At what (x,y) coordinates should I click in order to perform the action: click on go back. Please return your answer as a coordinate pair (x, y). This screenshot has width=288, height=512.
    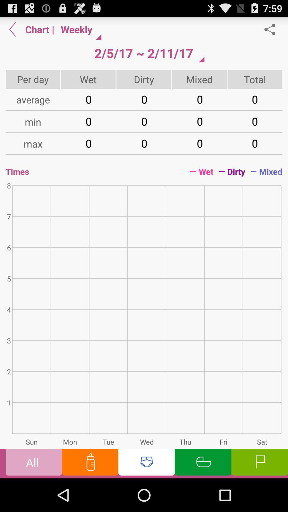
    Looking at the image, I should click on (12, 29).